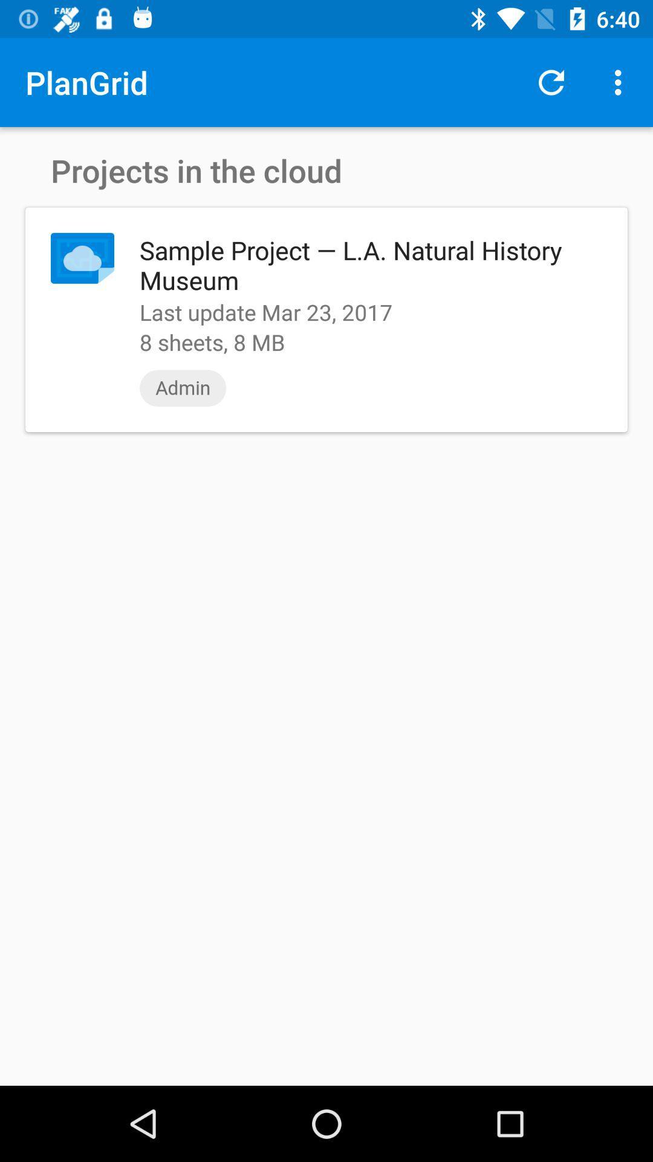 The image size is (653, 1162). I want to click on icon above sample project l item, so click(621, 82).